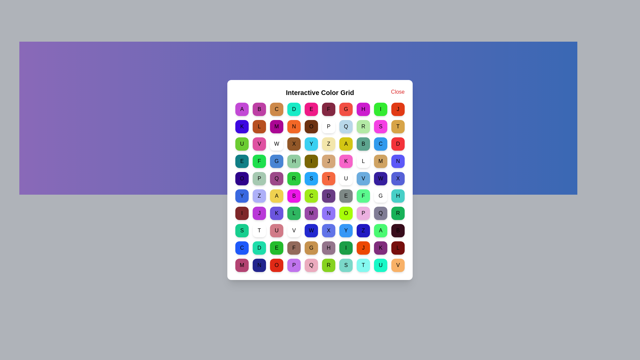  What do you see at coordinates (398, 92) in the screenshot?
I see `the 'Close' button to close the dialog` at bounding box center [398, 92].